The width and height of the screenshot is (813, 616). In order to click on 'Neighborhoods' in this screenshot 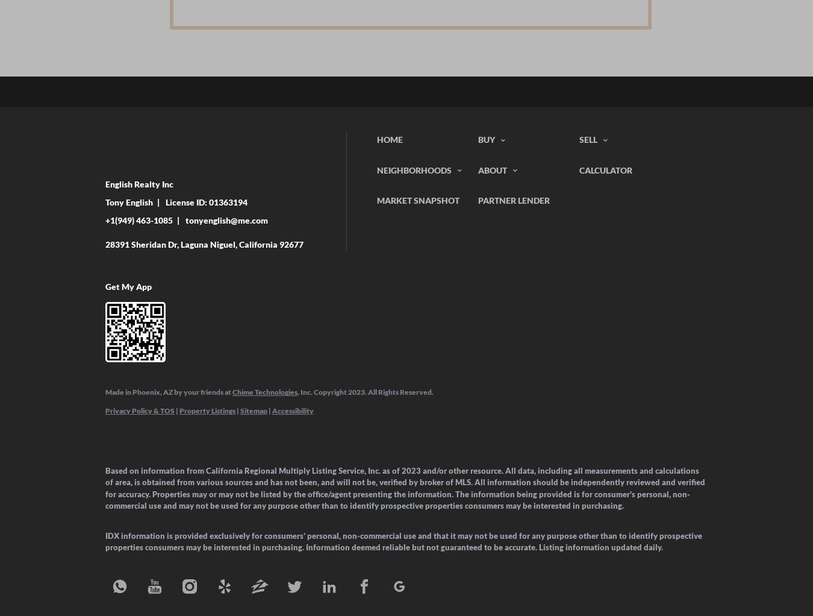, I will do `click(376, 169)`.